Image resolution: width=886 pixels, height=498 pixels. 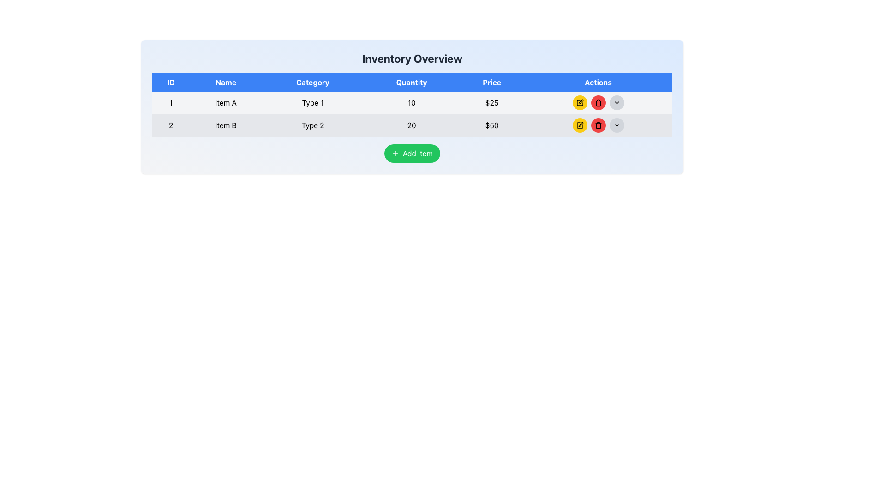 What do you see at coordinates (412, 82) in the screenshot?
I see `the Table Header Row to sort the data by the selected column` at bounding box center [412, 82].